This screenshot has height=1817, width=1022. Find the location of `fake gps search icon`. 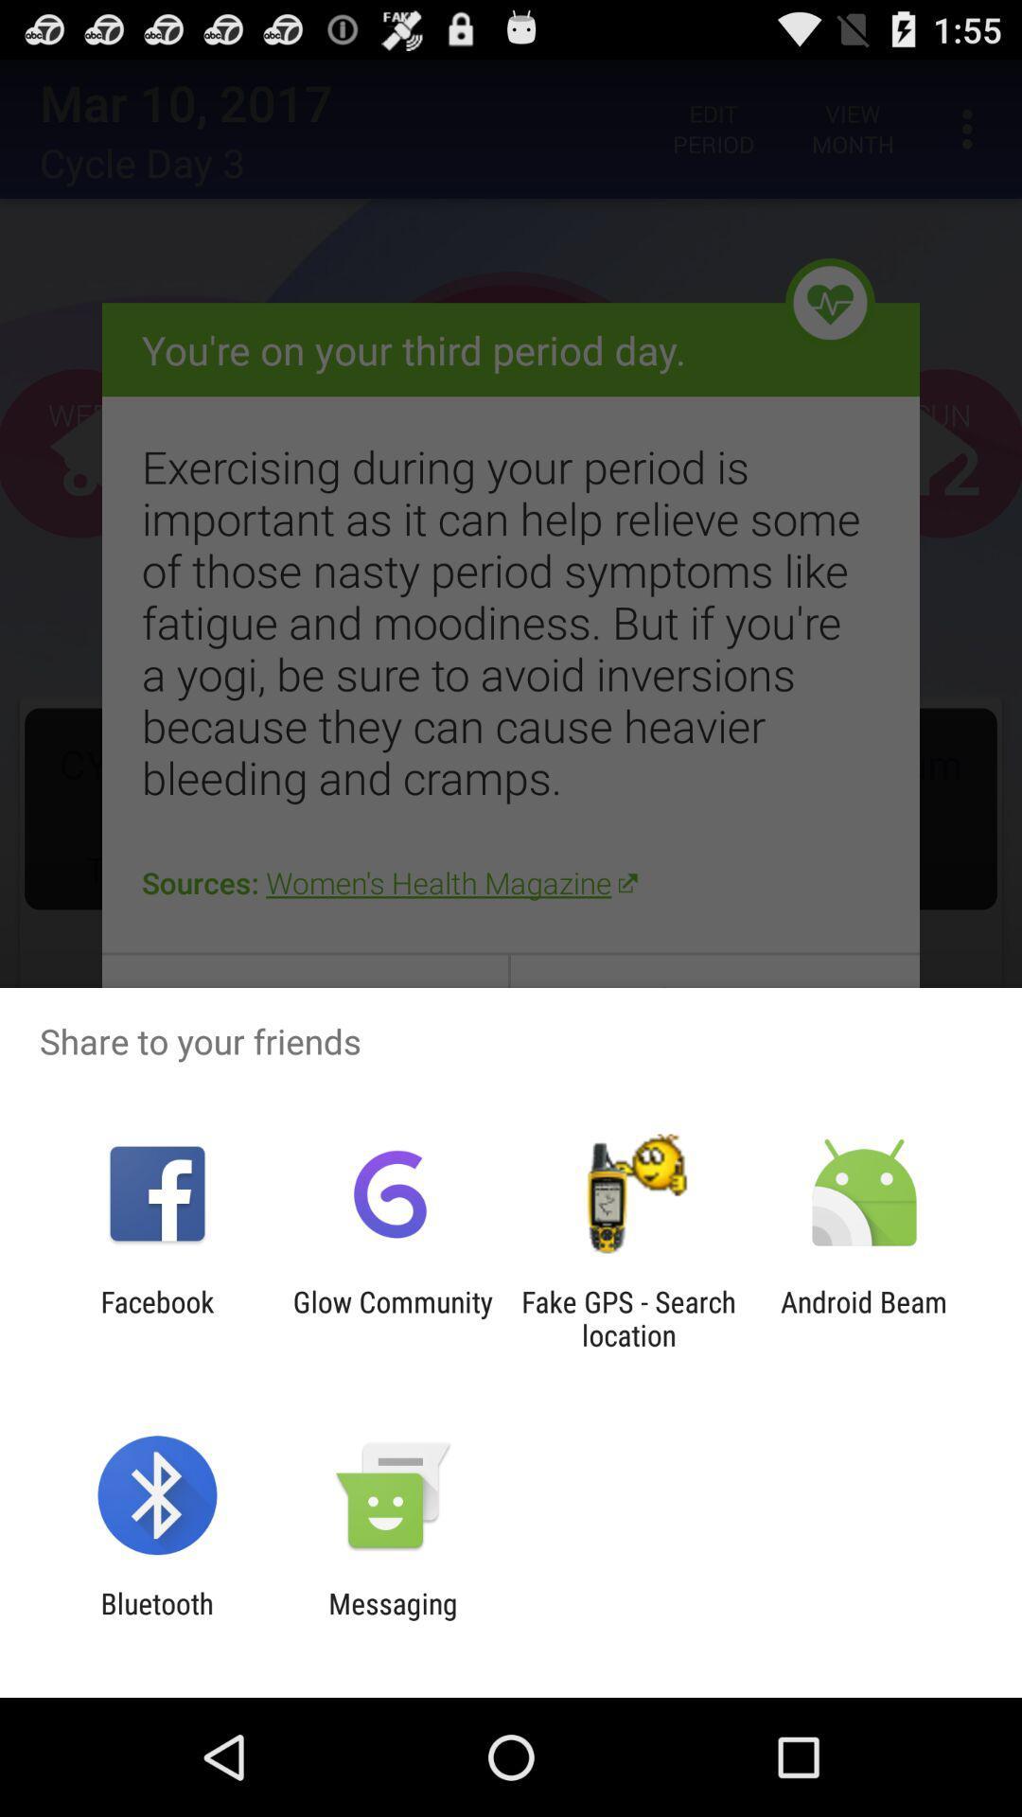

fake gps search icon is located at coordinates (628, 1317).